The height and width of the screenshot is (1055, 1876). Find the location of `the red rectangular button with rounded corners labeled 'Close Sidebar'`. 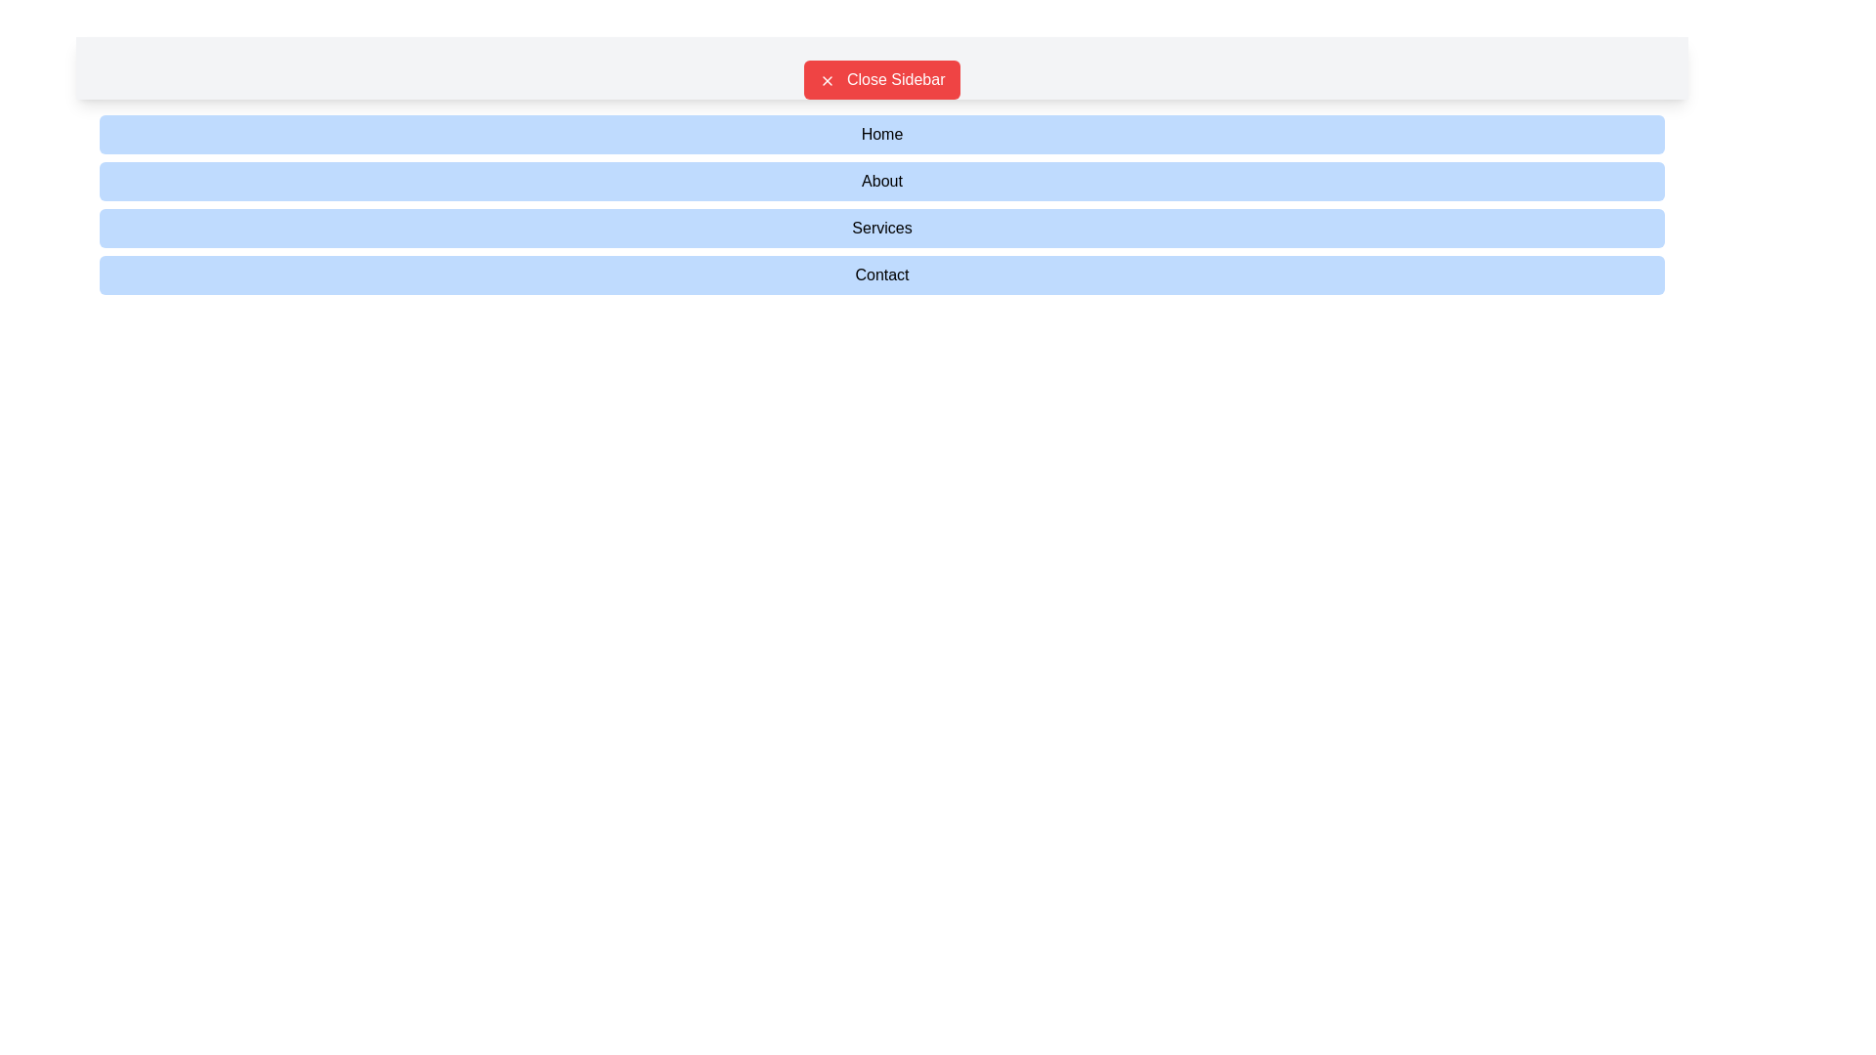

the red rectangular button with rounded corners labeled 'Close Sidebar' is located at coordinates (880, 78).